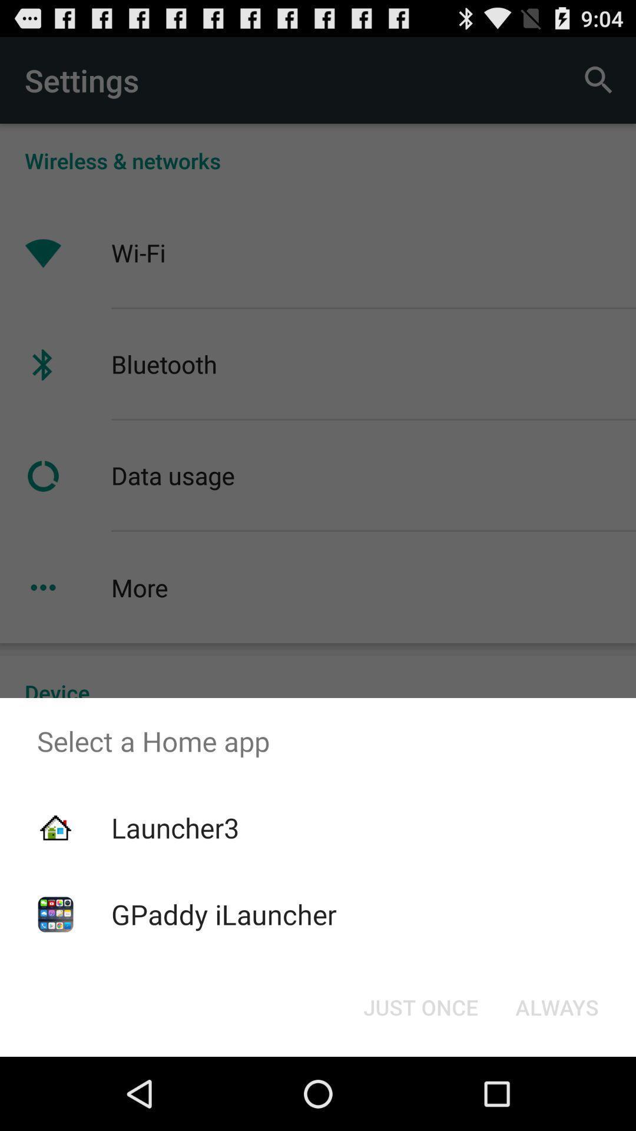  What do you see at coordinates (175, 827) in the screenshot?
I see `the launcher3 icon` at bounding box center [175, 827].